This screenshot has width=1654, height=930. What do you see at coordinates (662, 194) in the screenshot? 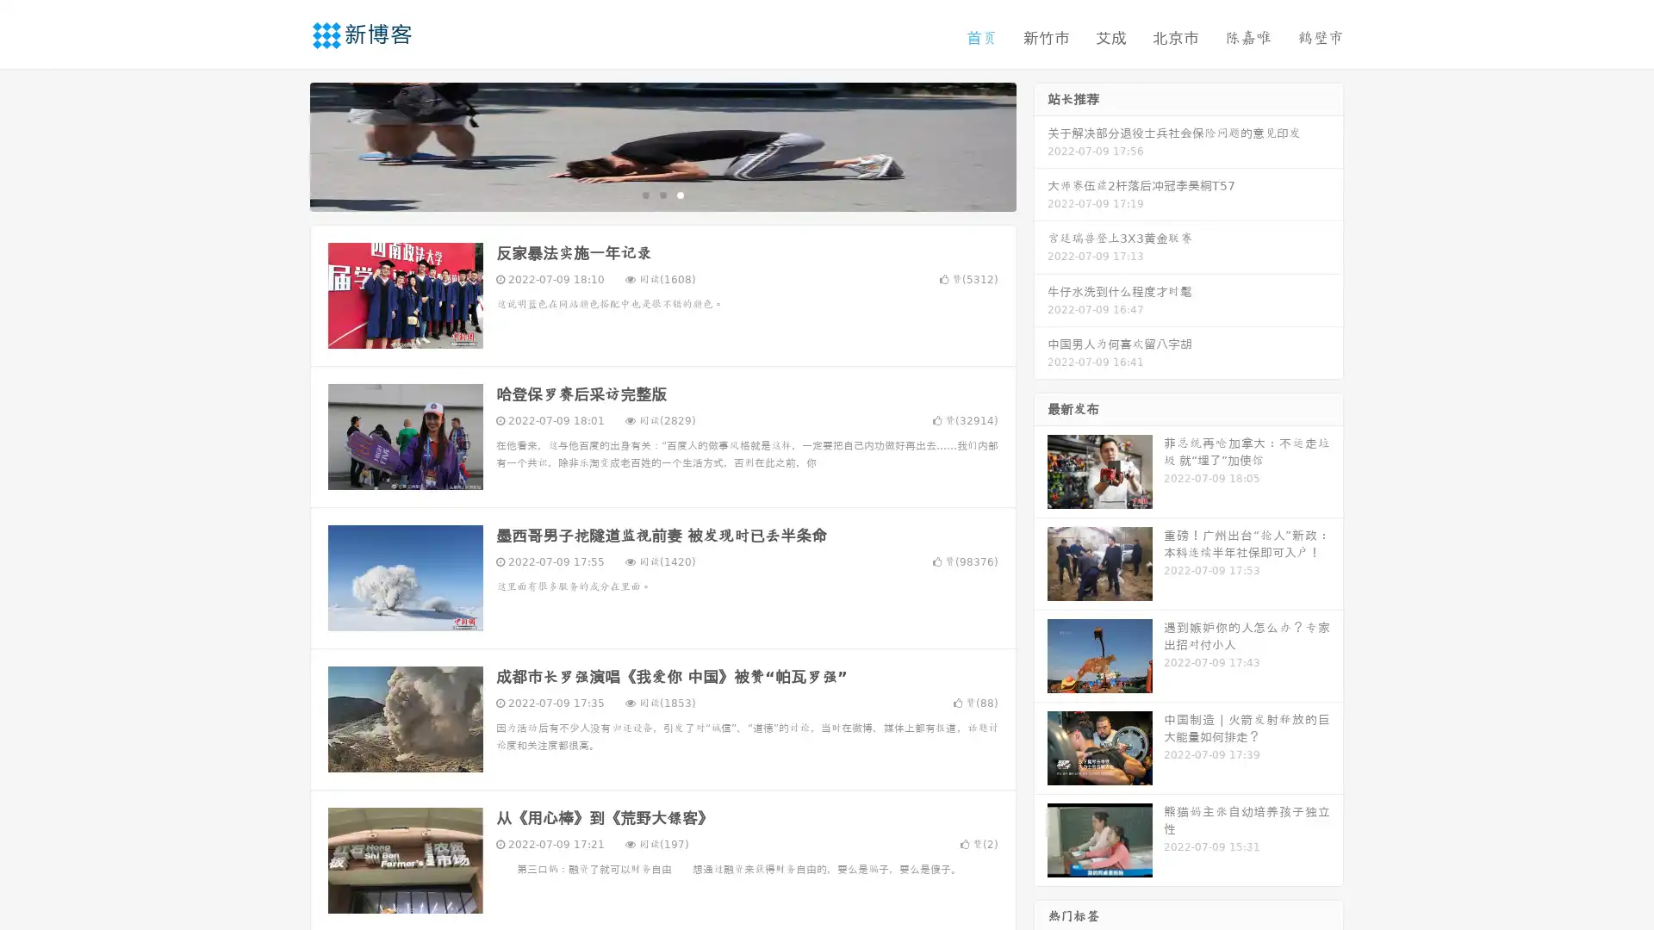
I see `Go to slide 2` at bounding box center [662, 194].